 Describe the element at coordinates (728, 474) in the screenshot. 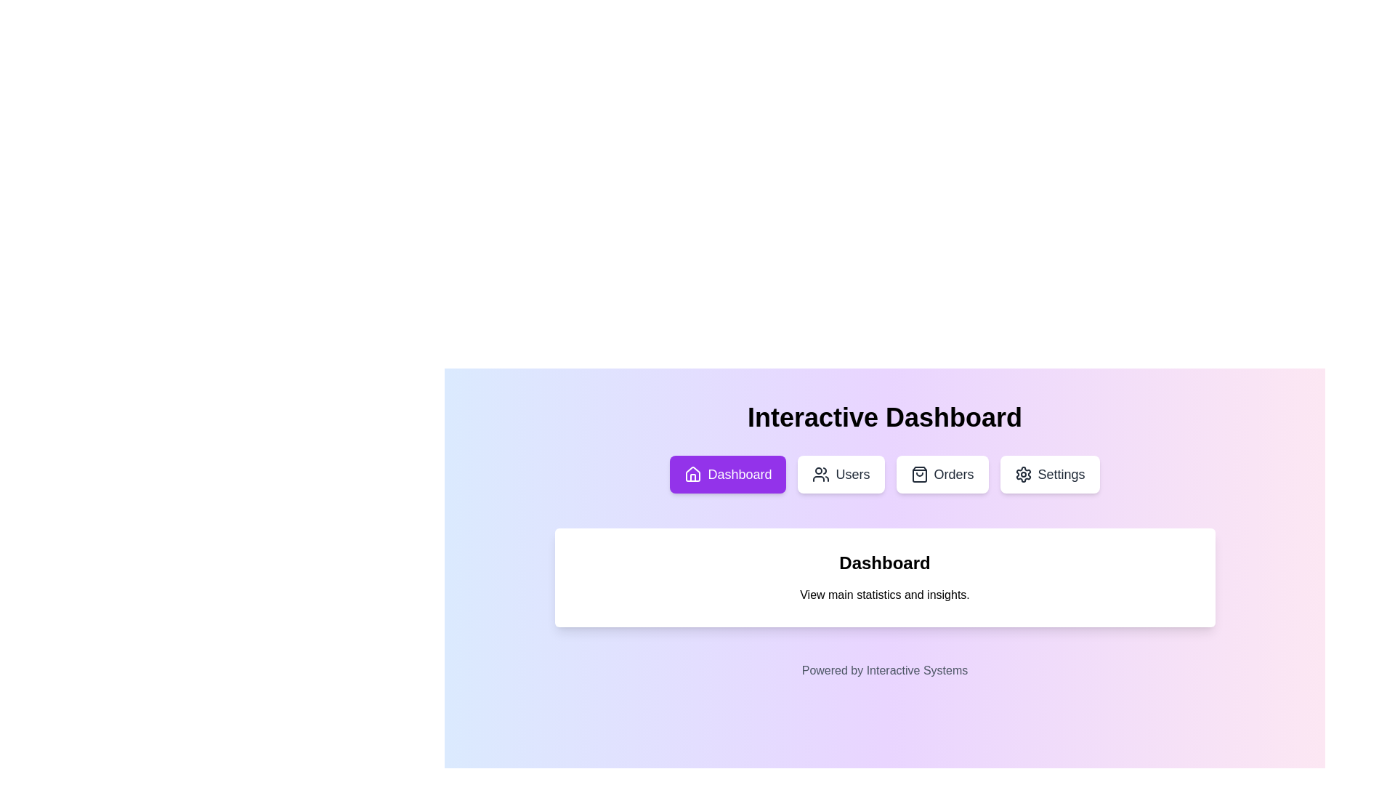

I see `the 'Dashboard' button with a house icon, which has a purple background and white text, to observe a scaling animation` at that location.